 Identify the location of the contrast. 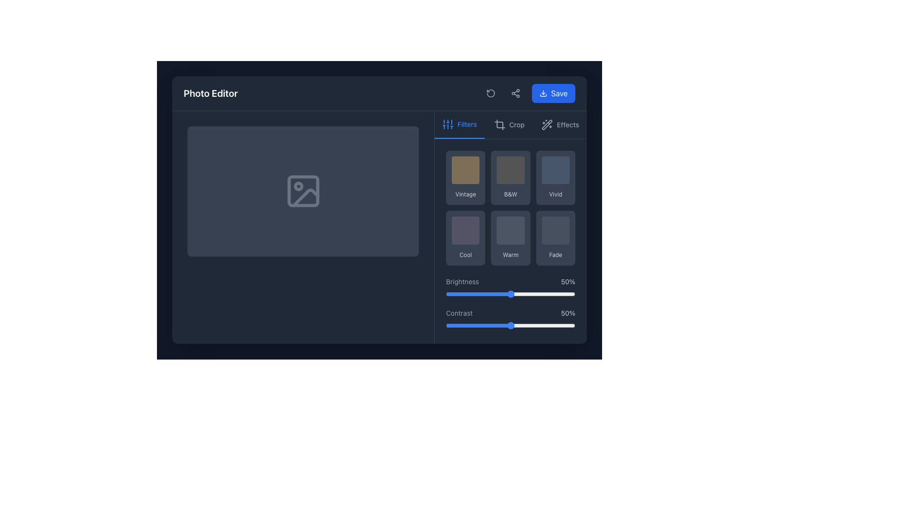
(468, 325).